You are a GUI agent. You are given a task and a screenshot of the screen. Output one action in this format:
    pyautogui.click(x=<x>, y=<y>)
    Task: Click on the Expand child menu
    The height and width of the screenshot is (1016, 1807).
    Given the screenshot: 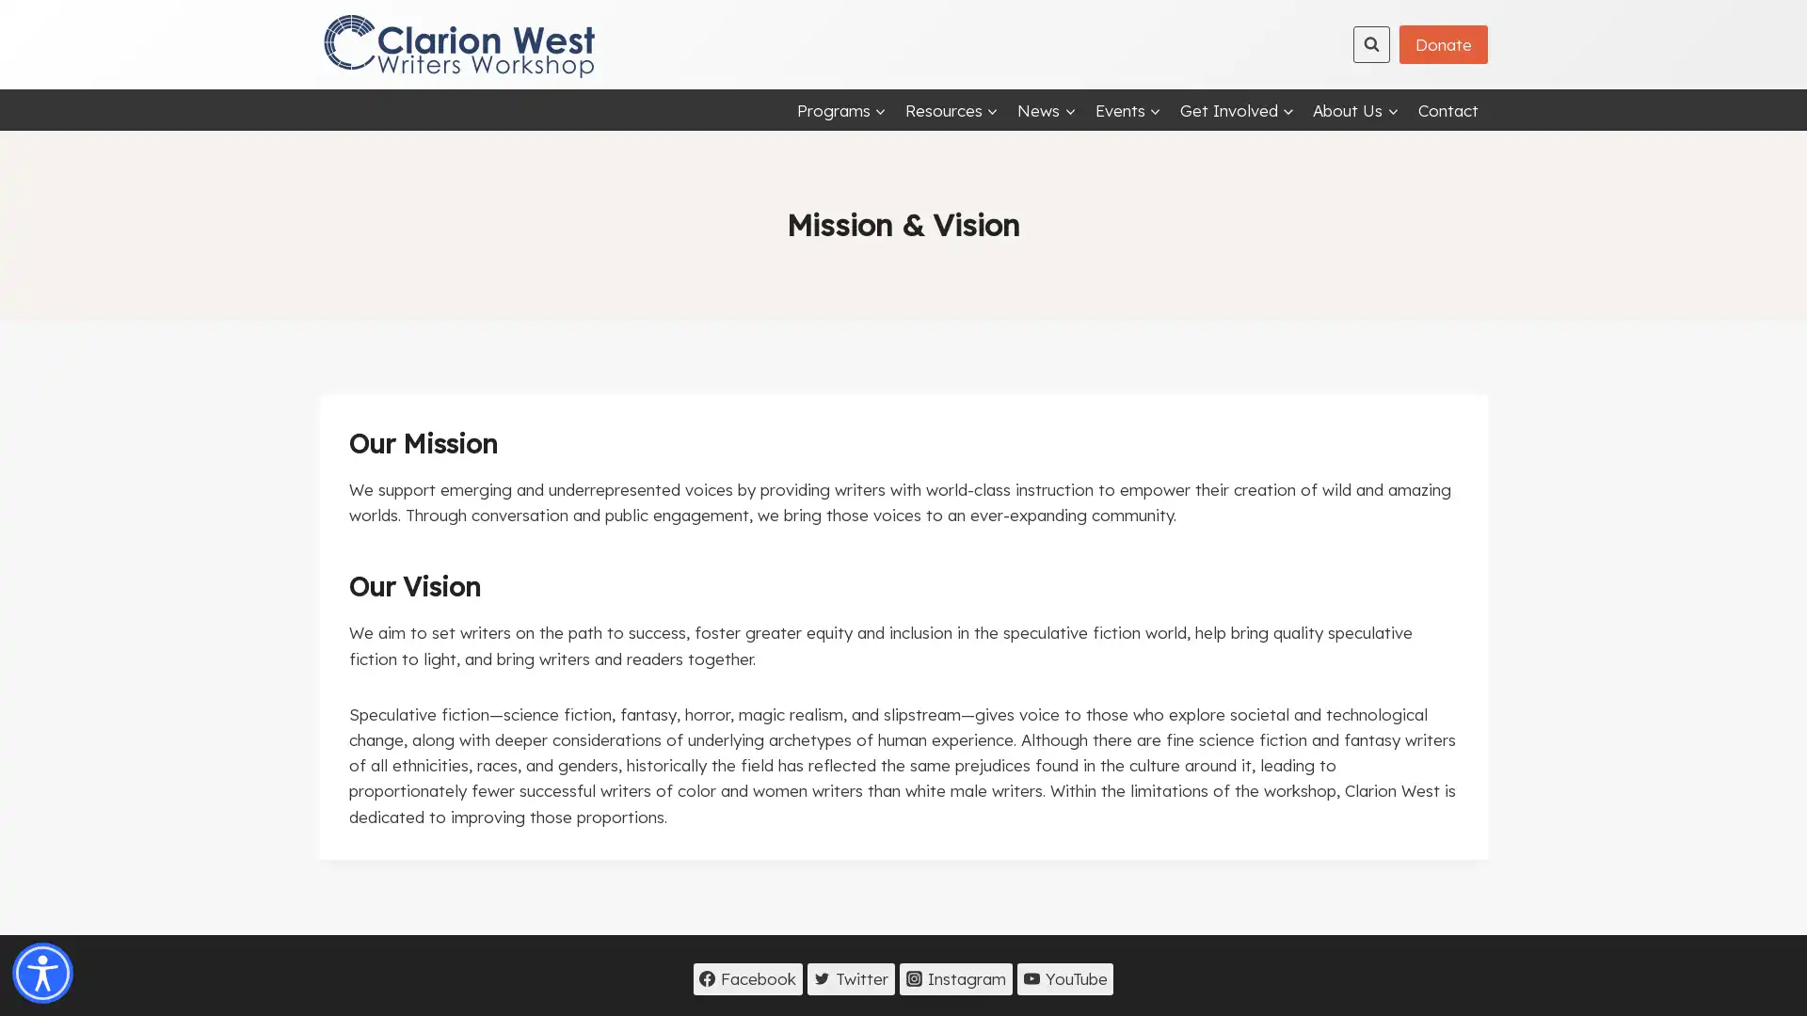 What is the action you would take?
    pyautogui.click(x=1237, y=109)
    